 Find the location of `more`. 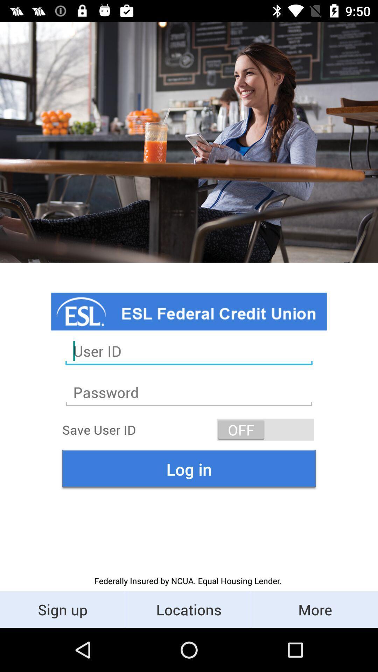

more is located at coordinates (314, 609).